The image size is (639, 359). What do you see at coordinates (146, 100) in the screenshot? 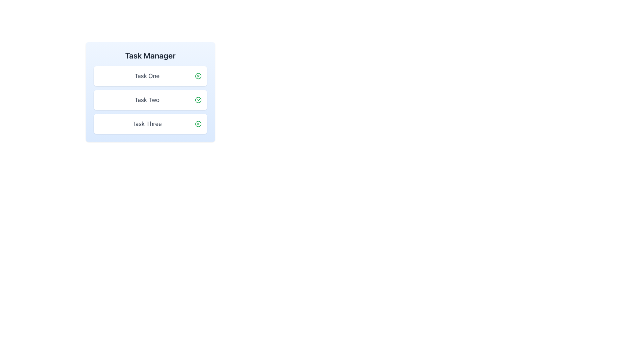
I see `the text label displaying 'Task Two', which is styled with a line-through effect and gray color, indicating it is a completed task` at bounding box center [146, 100].